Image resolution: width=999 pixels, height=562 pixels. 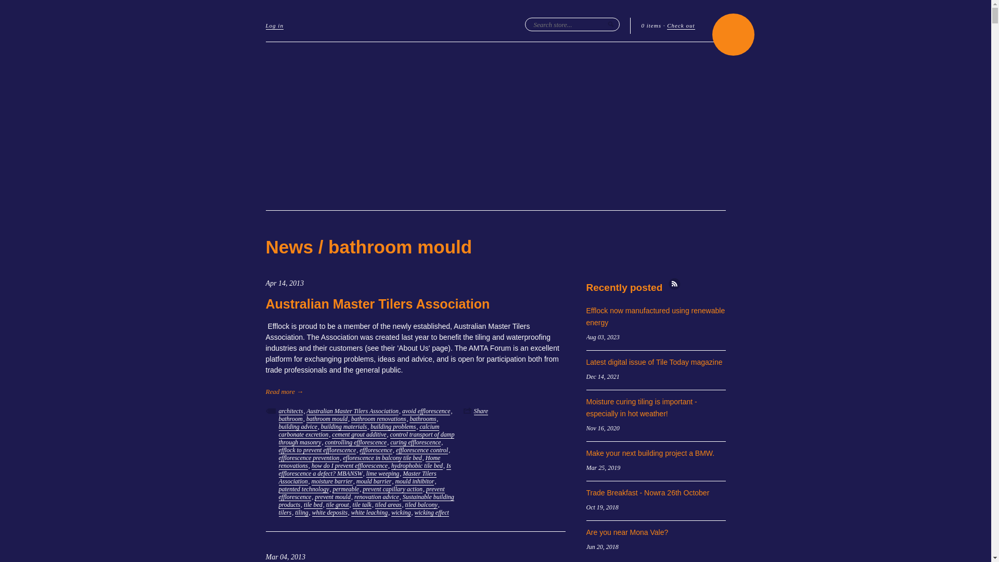 What do you see at coordinates (265, 25) in the screenshot?
I see `'Log in'` at bounding box center [265, 25].